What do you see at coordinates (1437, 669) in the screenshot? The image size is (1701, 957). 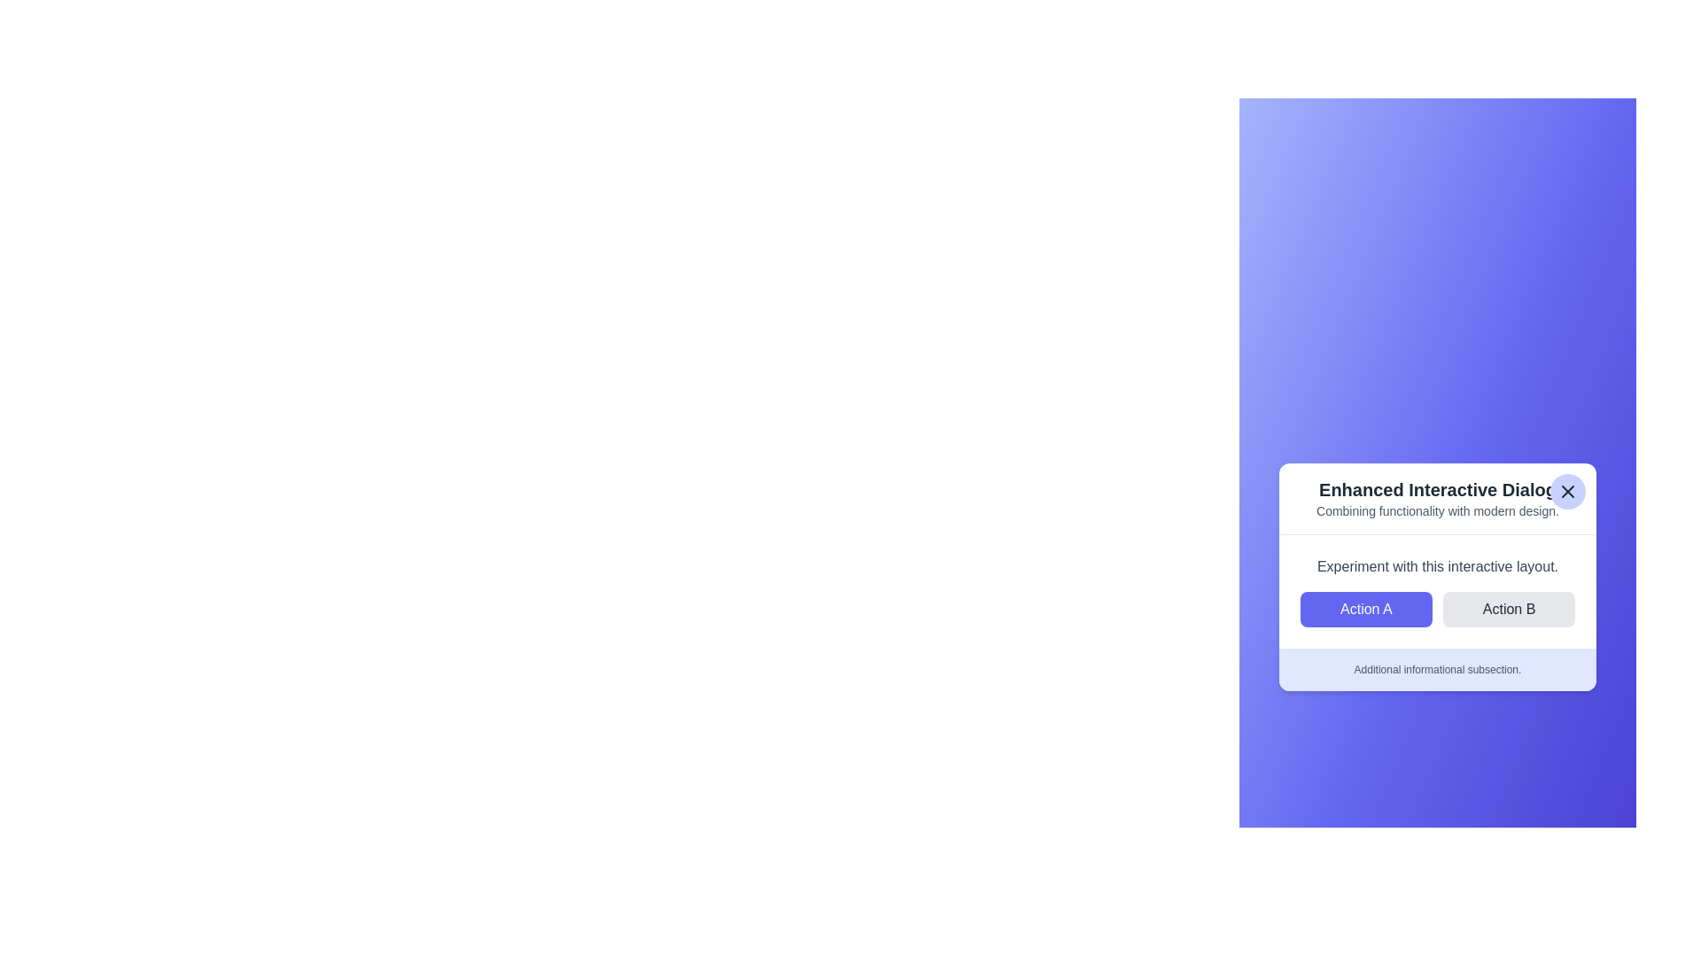 I see `the static text label located centrally below the action buttons 'Action A' and 'Action B' in the indigo-shaded background area at the bottom of the modal` at bounding box center [1437, 669].